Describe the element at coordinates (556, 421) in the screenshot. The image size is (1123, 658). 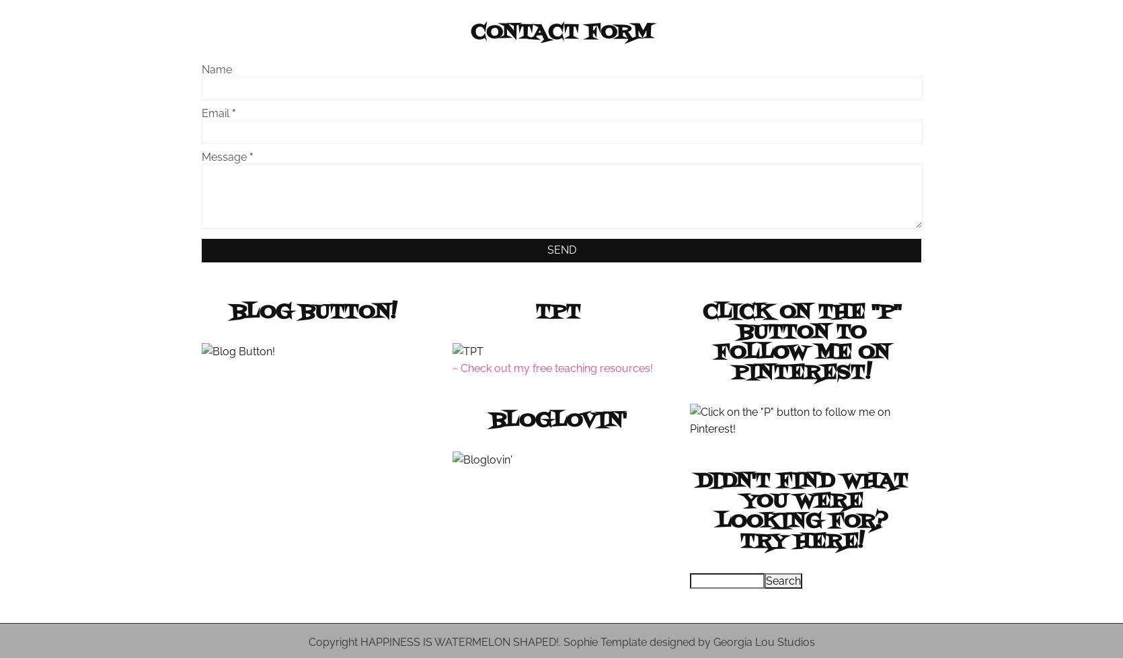
I see `'Bloglovin''` at that location.